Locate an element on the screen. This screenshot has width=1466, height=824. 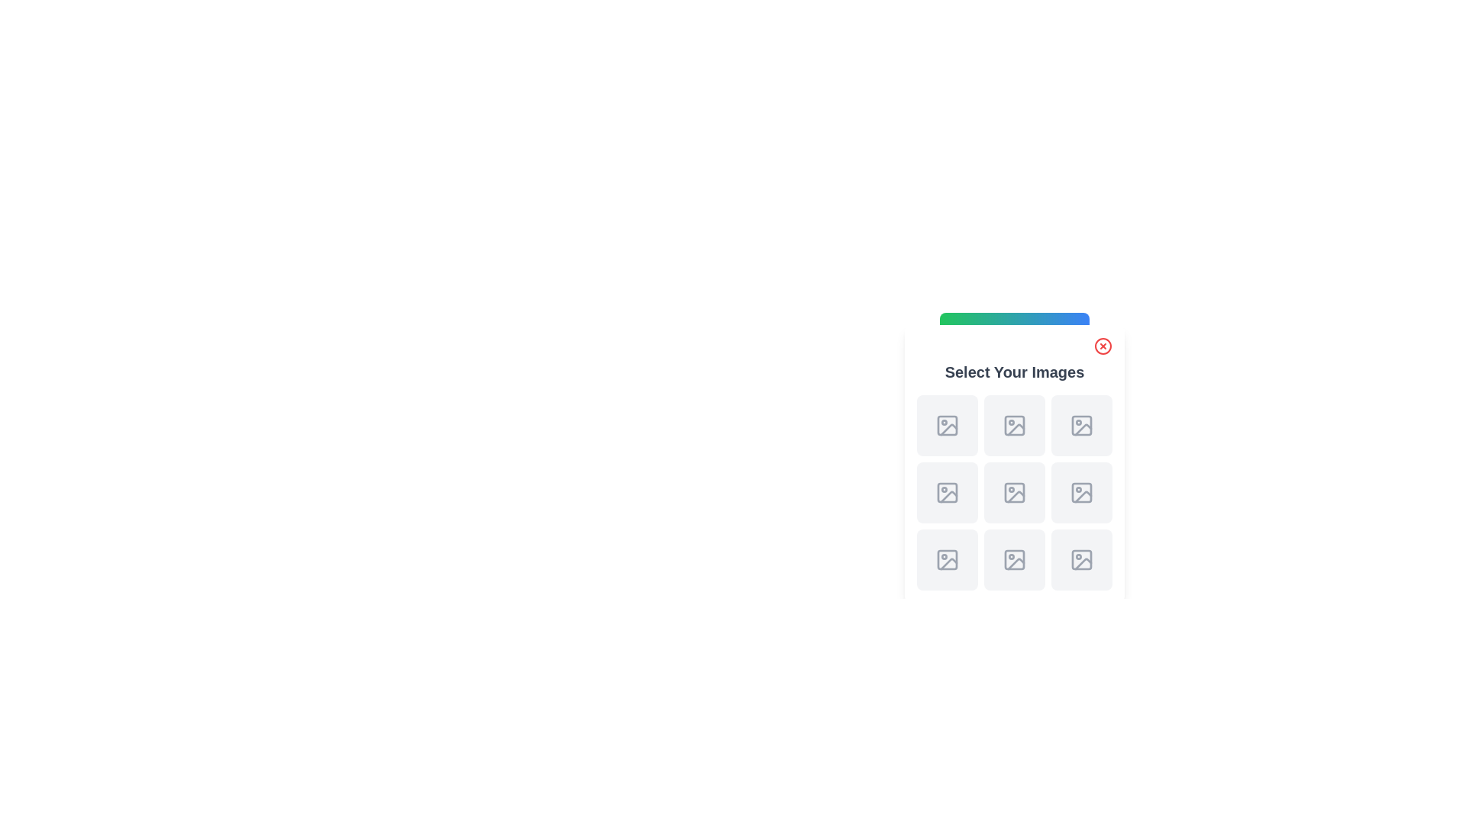
the center Image Placeholder element in the 3x3 grid layout is located at coordinates (1015, 446).